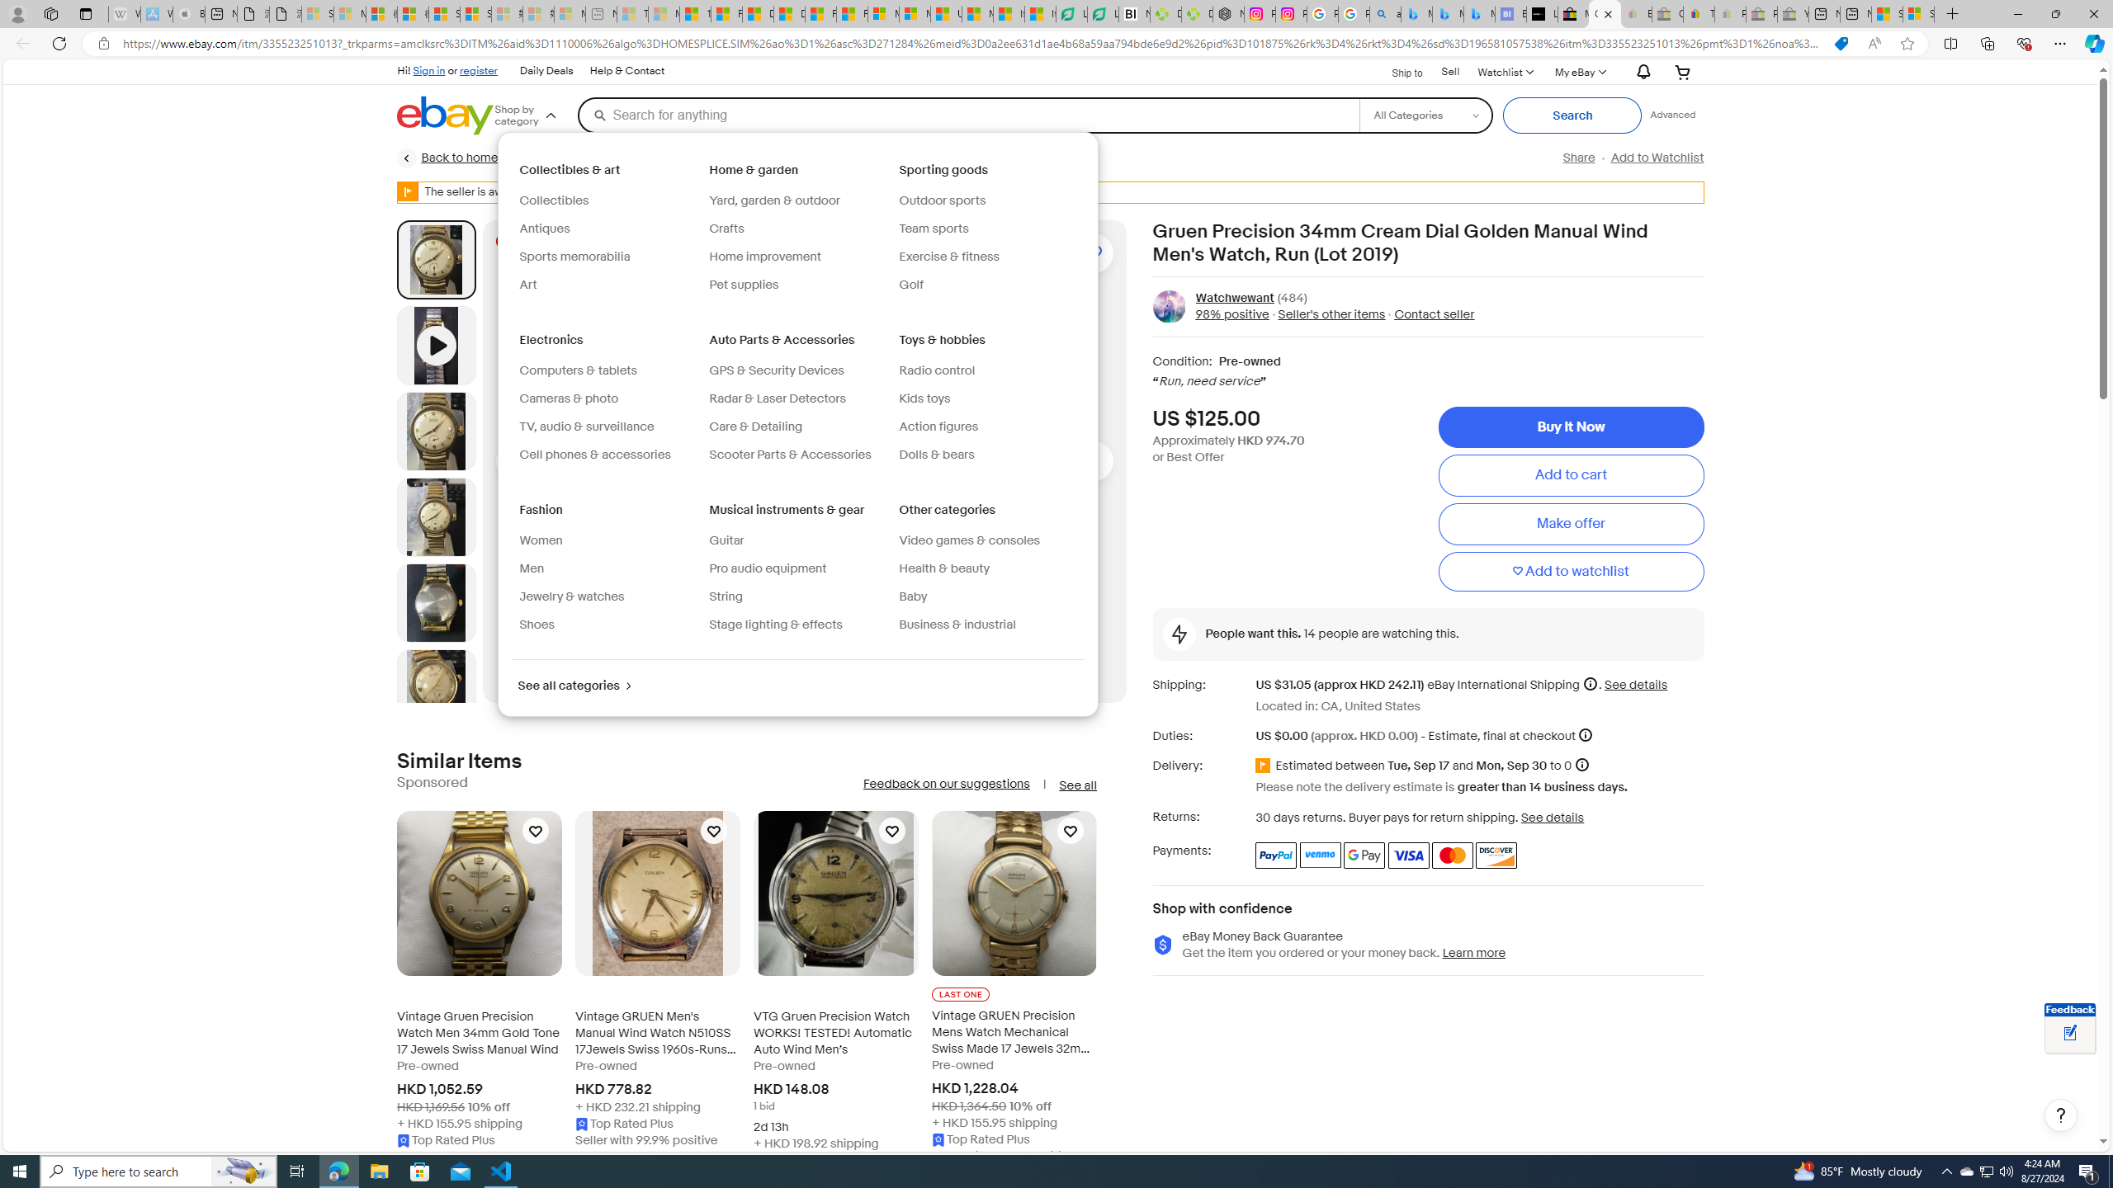 This screenshot has width=2113, height=1188. Describe the element at coordinates (608, 256) in the screenshot. I see `'Sports memorabilia'` at that location.